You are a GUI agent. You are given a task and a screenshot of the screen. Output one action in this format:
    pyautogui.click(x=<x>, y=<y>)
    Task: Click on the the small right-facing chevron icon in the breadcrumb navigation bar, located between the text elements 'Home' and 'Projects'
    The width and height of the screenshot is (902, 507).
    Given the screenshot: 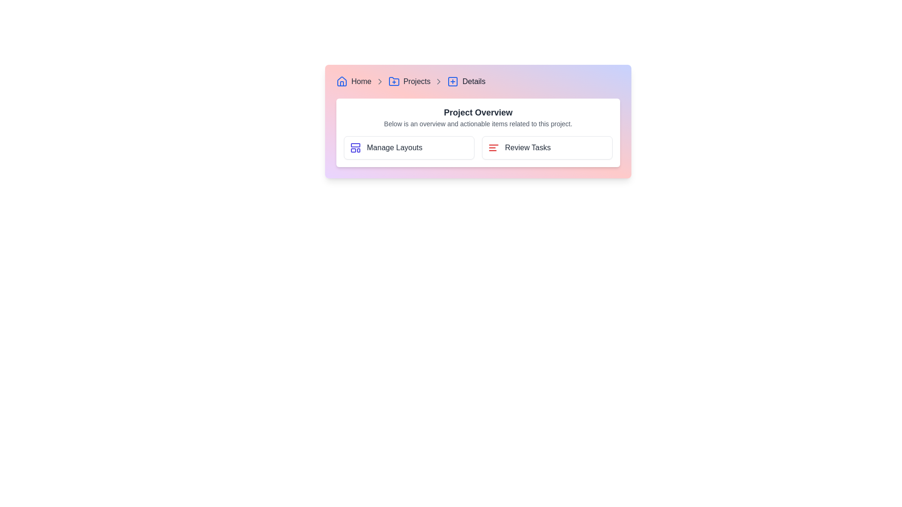 What is the action you would take?
    pyautogui.click(x=380, y=81)
    